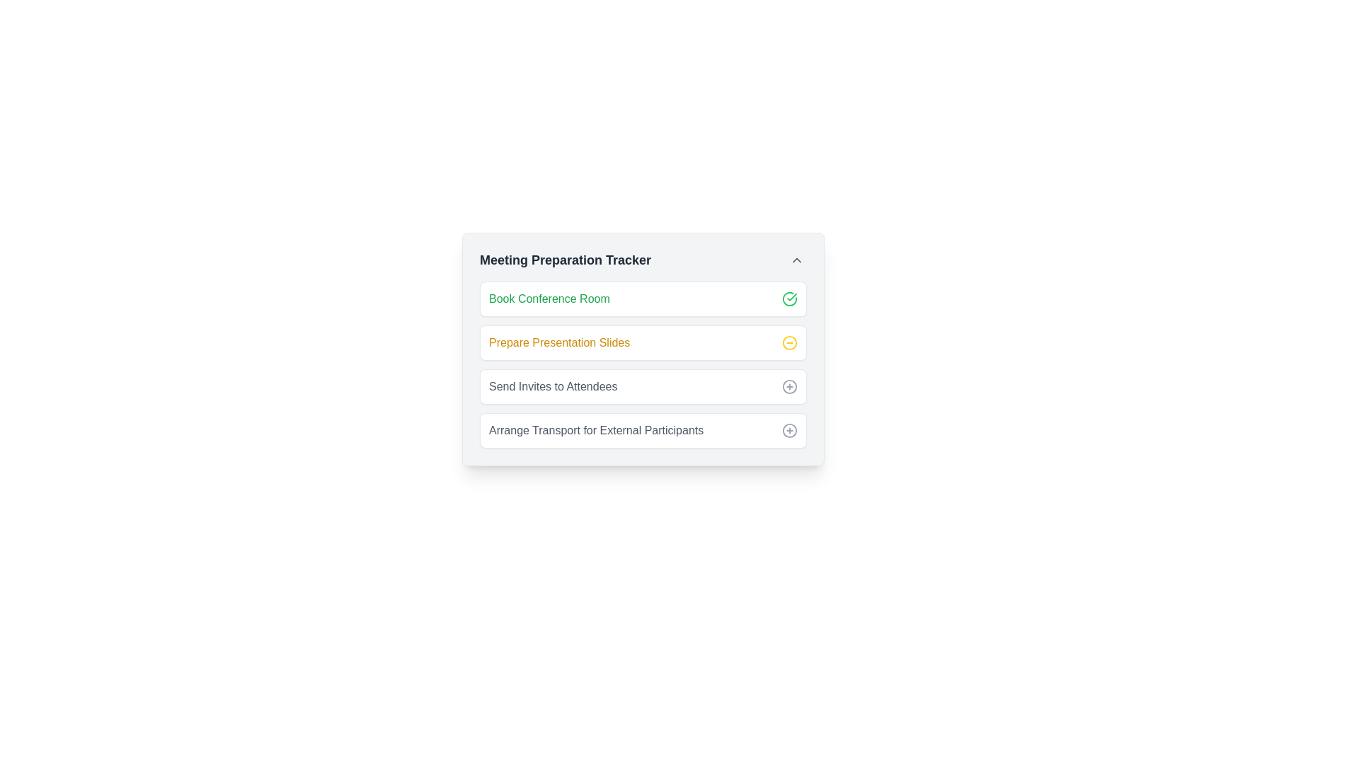 The image size is (1359, 764). I want to click on the SVG icon in the far right corner of the box containing the text 'Arrange Transport for External Participants', so click(789, 430).